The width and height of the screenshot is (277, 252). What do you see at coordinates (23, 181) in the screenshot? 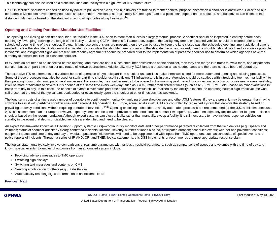
I see `'Next'` at bounding box center [23, 181].